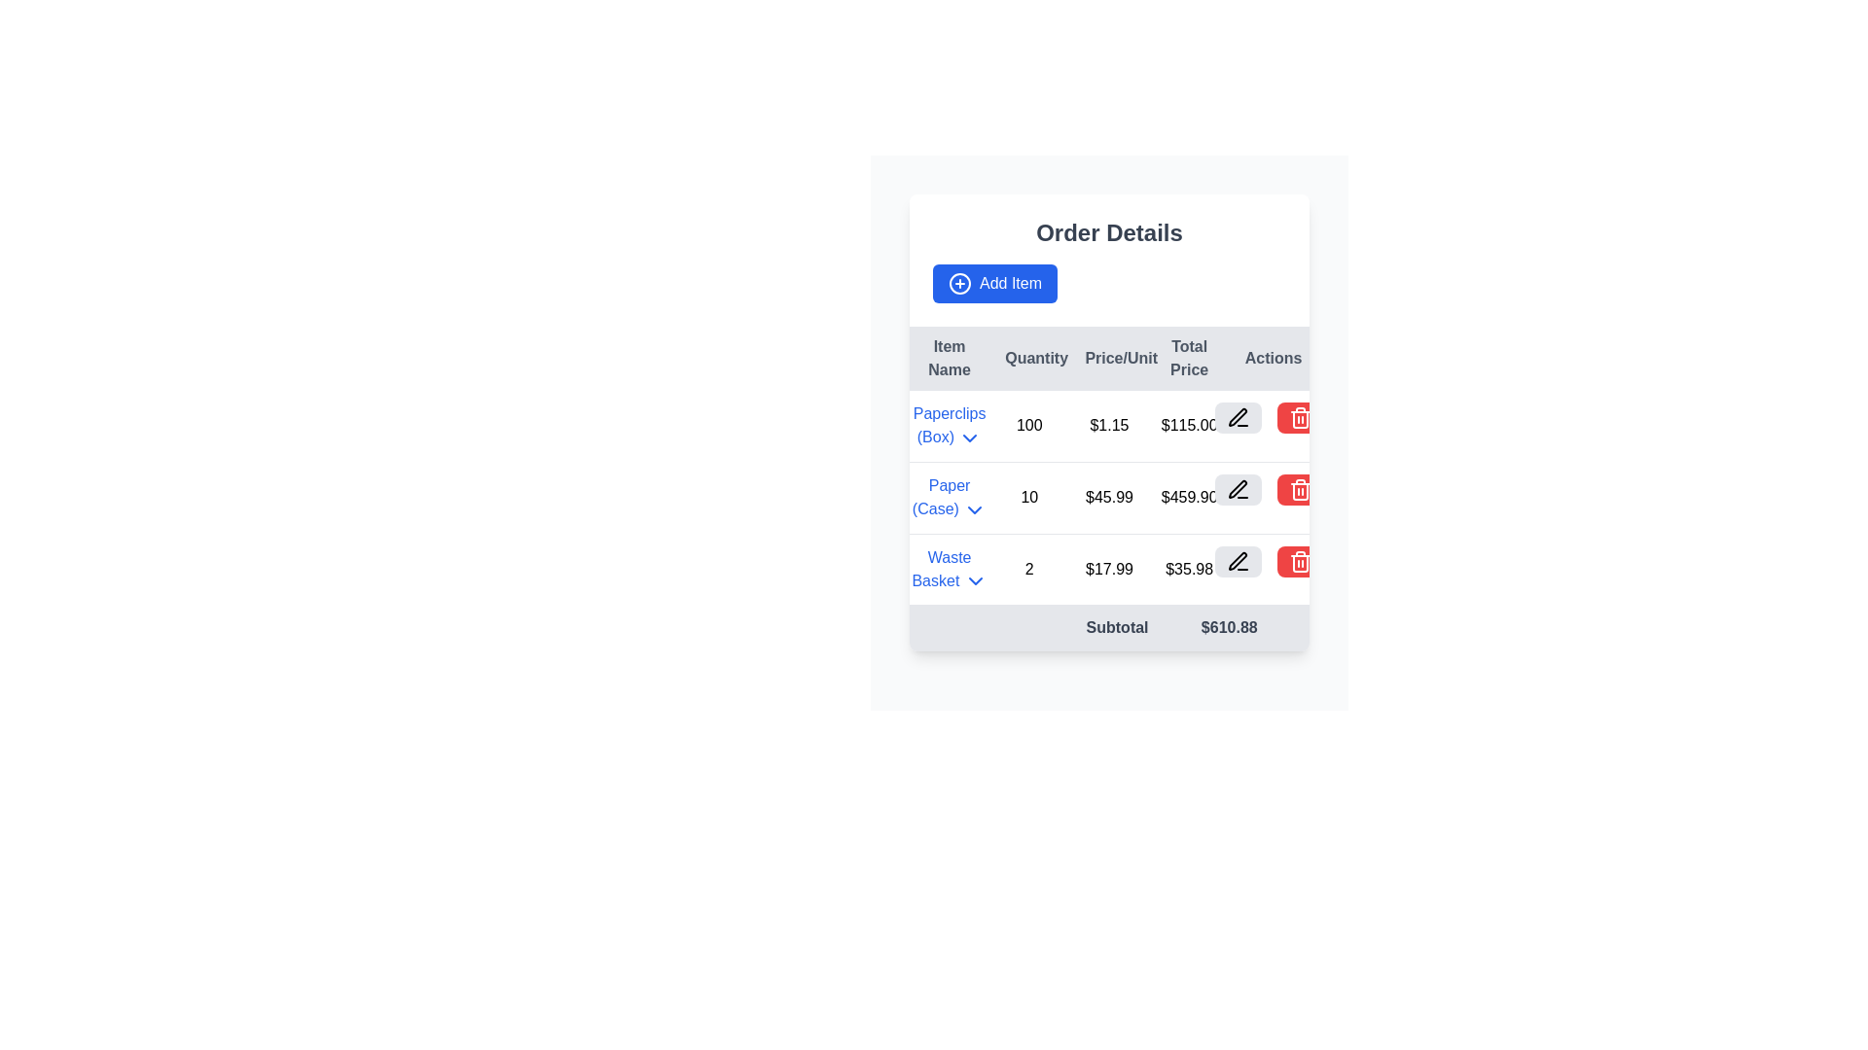 The height and width of the screenshot is (1050, 1868). What do you see at coordinates (1109, 569) in the screenshot?
I see `the 'Waste Basket' row in the Order Details table` at bounding box center [1109, 569].